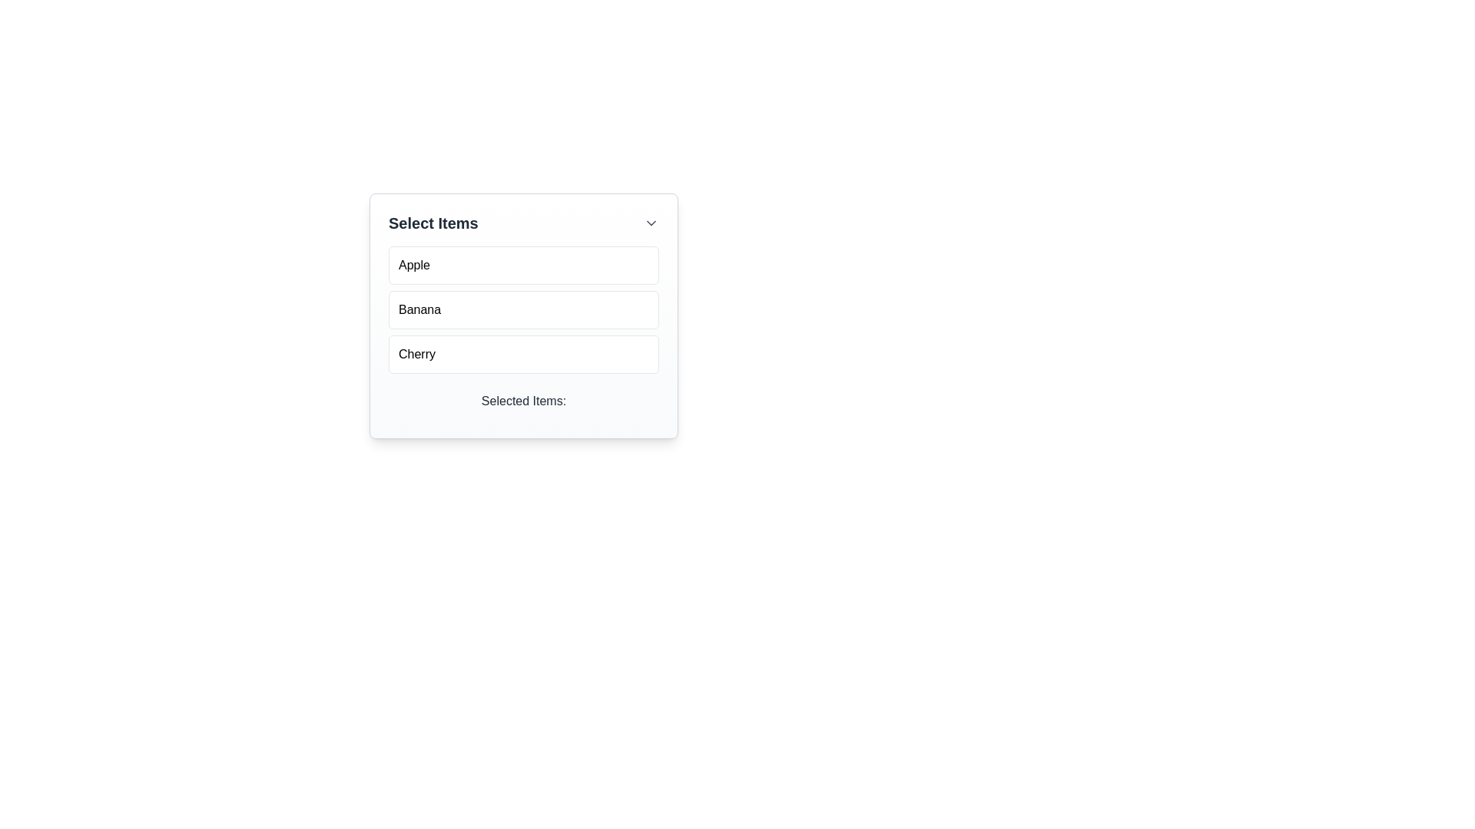 This screenshot has height=829, width=1475. Describe the element at coordinates (523, 355) in the screenshot. I see `to select the list item labeled 'Cherry', which is the last item in a vertical list of three items` at that location.